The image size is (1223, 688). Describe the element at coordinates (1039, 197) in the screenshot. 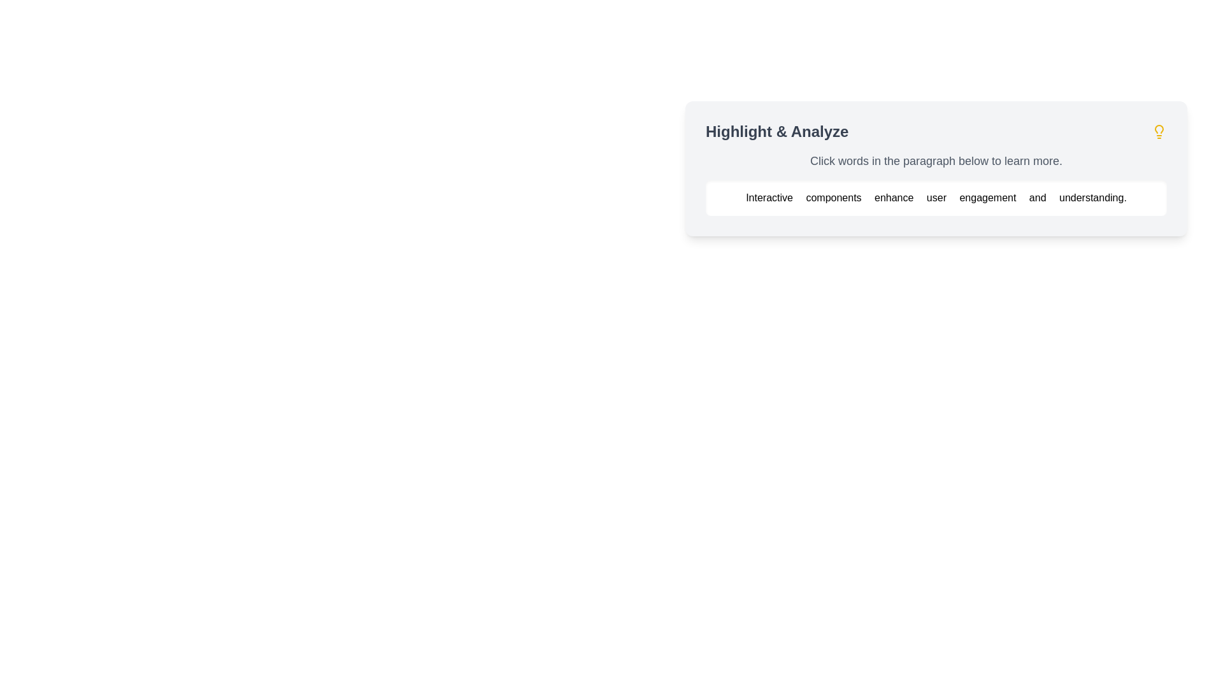

I see `the sixth word 'and' in the phrase 'Interactive components enhance user engagement and understanding.' which is located towards the center-right of the white card element` at that location.